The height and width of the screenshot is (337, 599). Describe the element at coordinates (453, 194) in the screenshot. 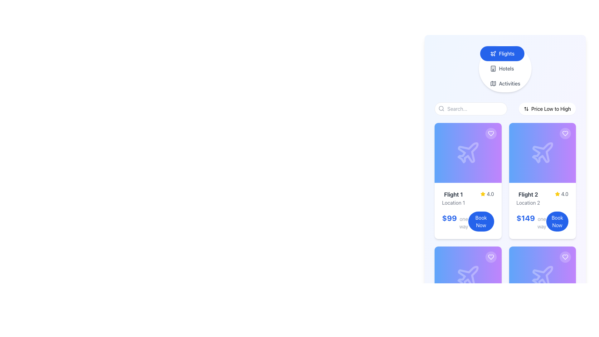

I see `the text label that identifies the flight option in the top-left card of the flight options grid` at that location.